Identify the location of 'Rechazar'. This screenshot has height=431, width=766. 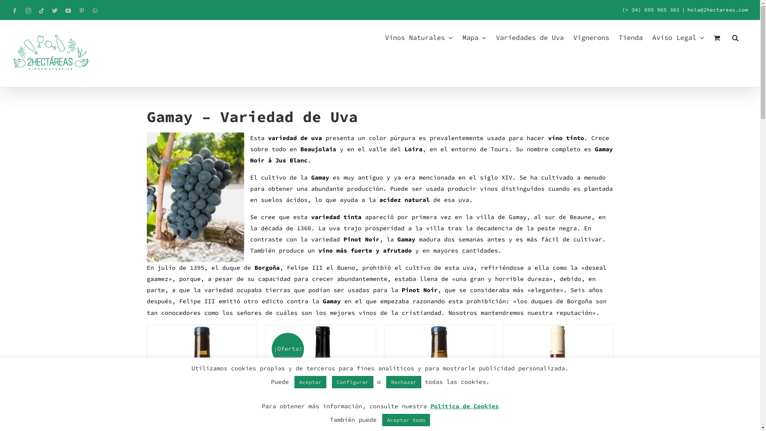
(404, 382).